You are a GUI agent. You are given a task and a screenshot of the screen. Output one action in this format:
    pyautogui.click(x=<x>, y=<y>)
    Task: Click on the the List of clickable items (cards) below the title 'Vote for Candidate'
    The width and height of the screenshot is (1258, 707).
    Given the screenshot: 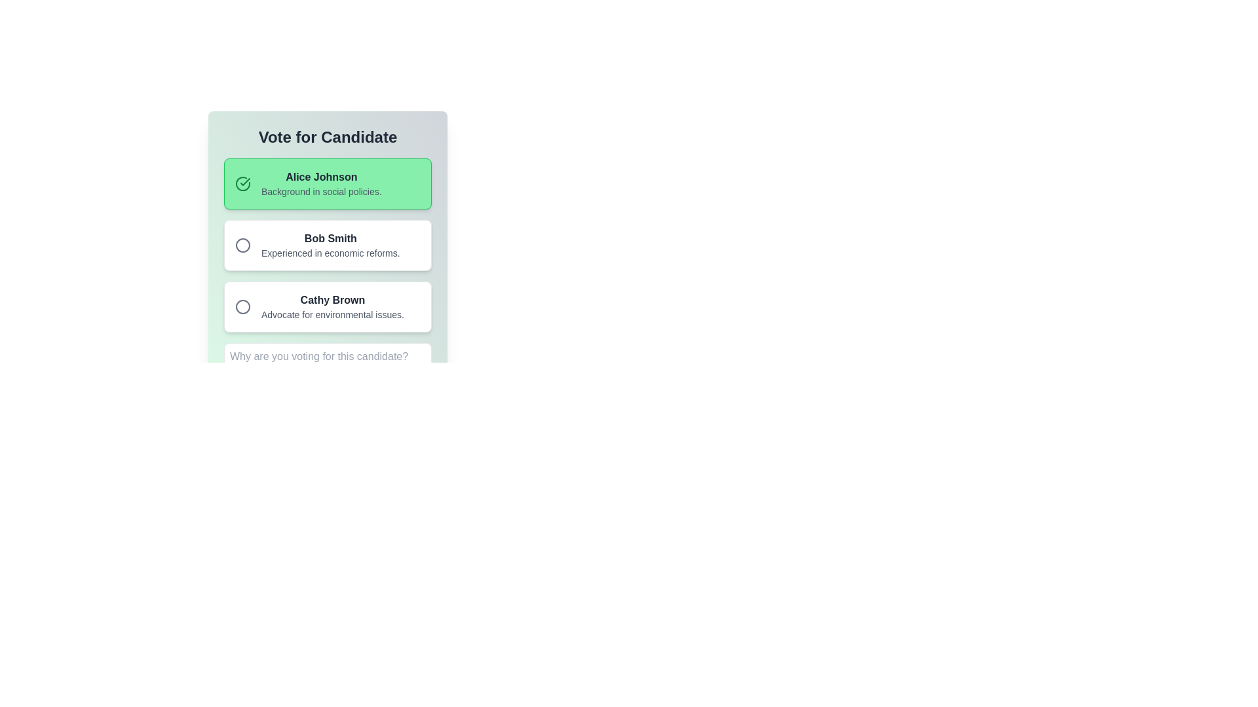 What is the action you would take?
    pyautogui.click(x=328, y=245)
    